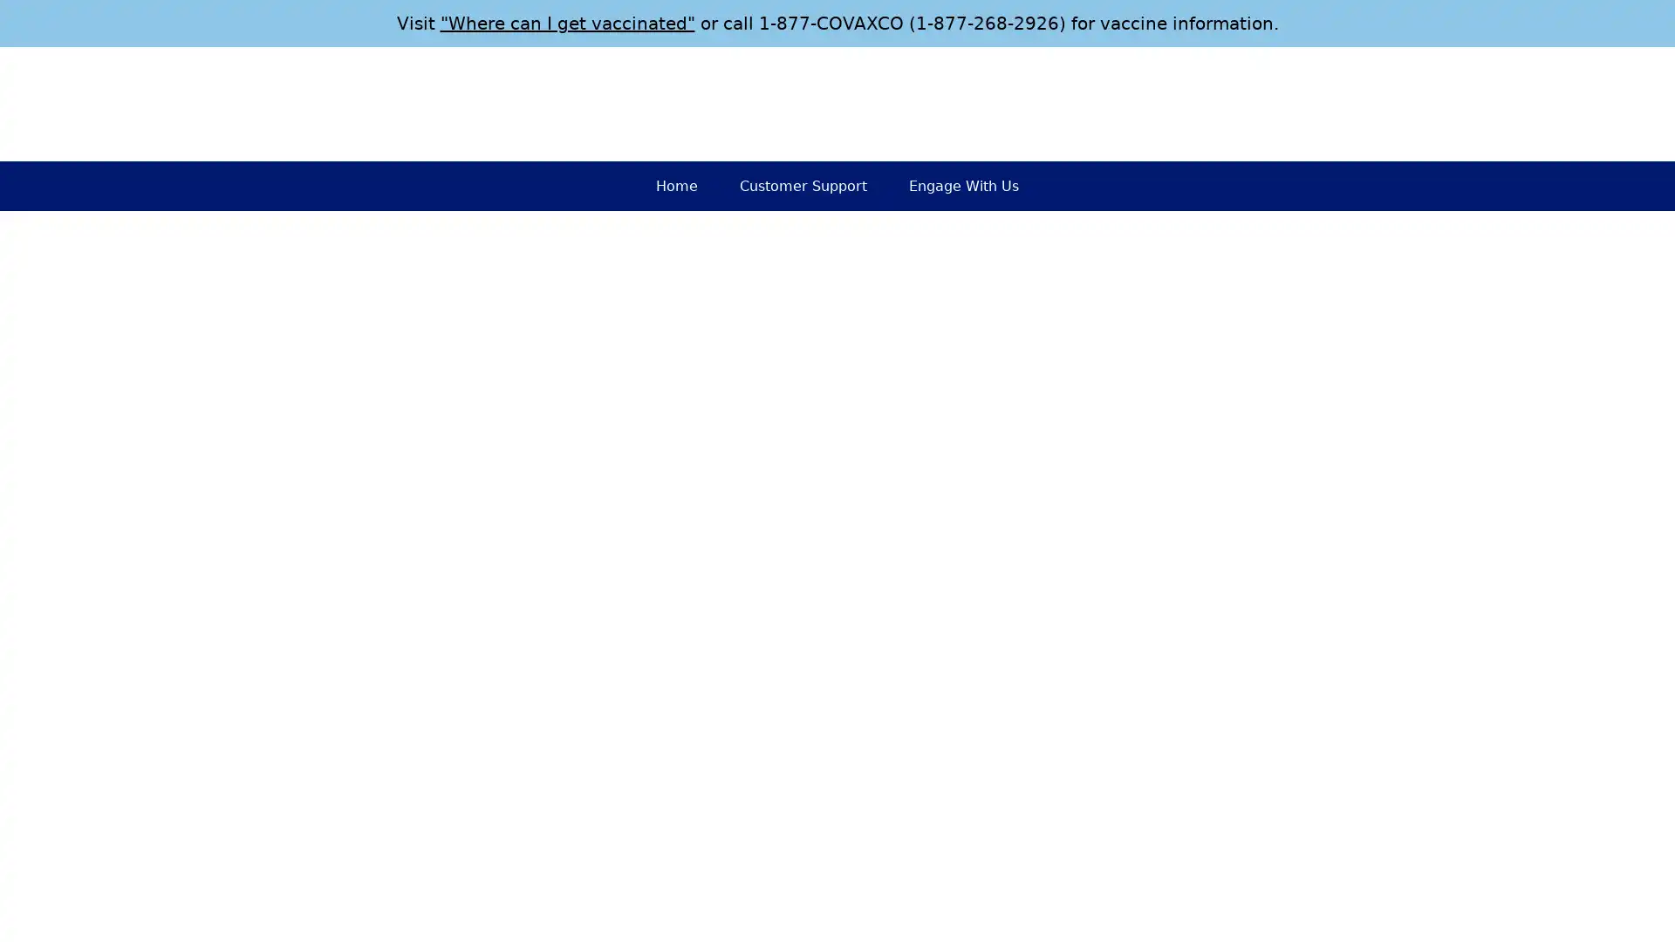 The image size is (1675, 942). I want to click on Search the website, so click(1424, 105).